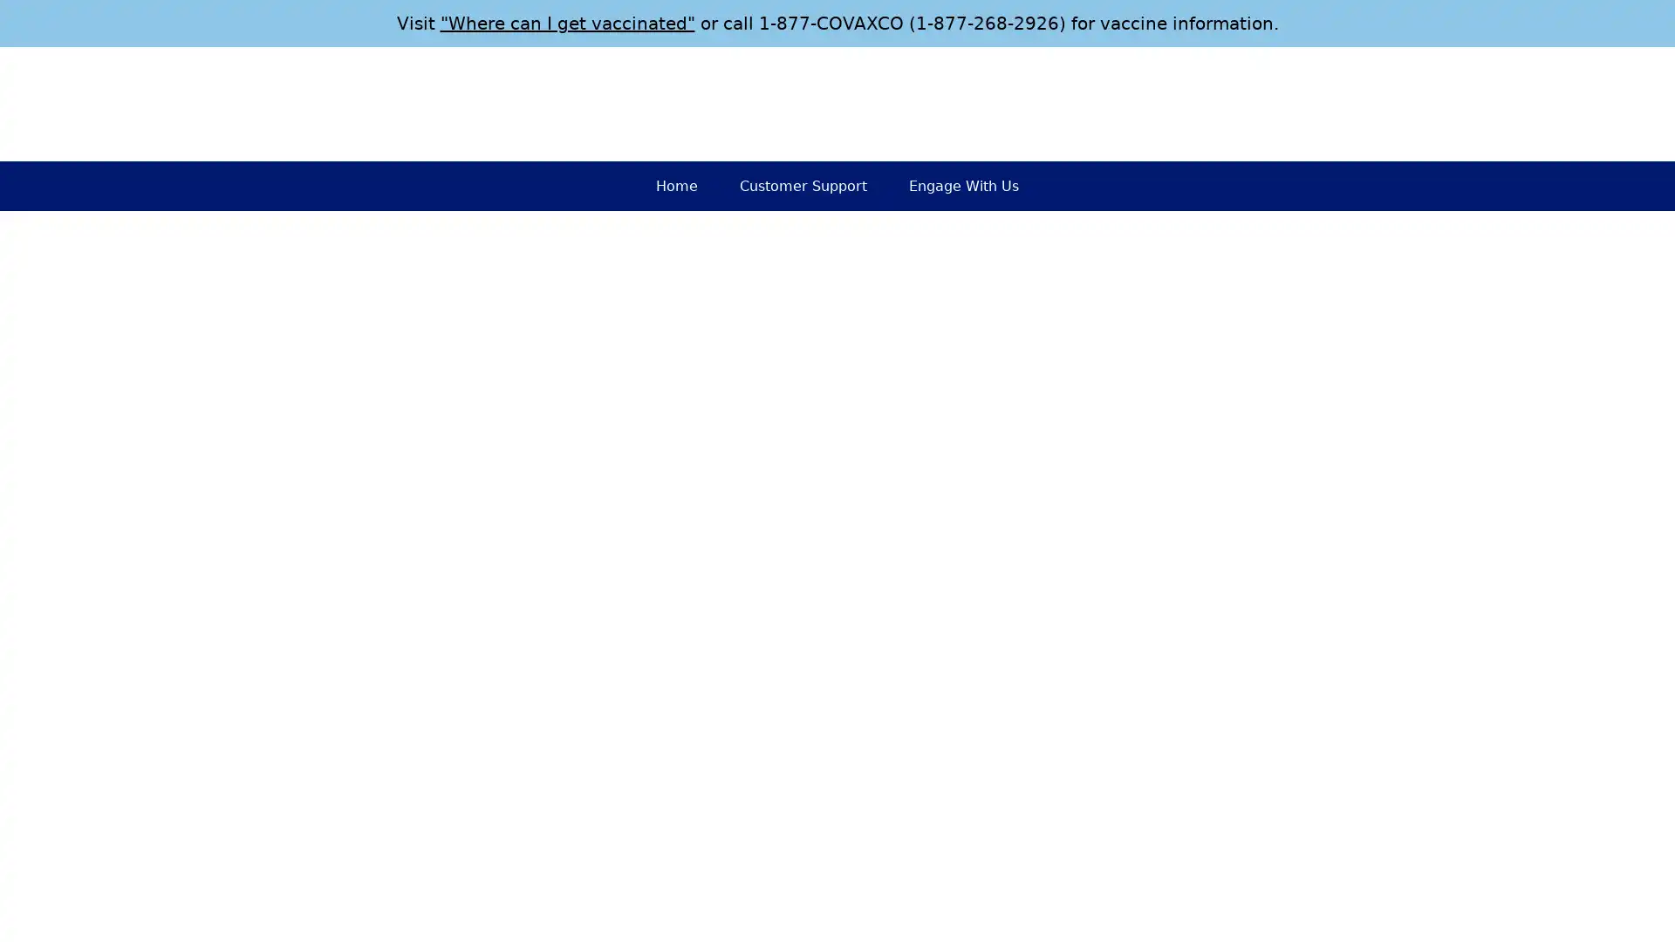 The image size is (1675, 942). I want to click on Search the website, so click(1424, 105).